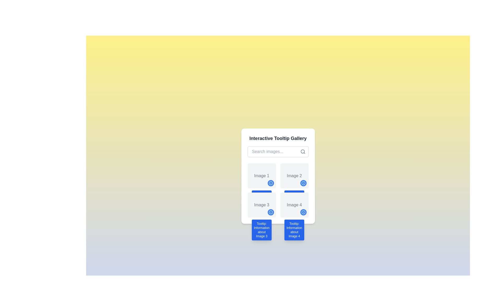 The width and height of the screenshot is (501, 281). Describe the element at coordinates (302, 151) in the screenshot. I see `the central circular part of the search icon, which represents the search functionality within the SVG Circle Element located at the right side of the search bar input field` at that location.